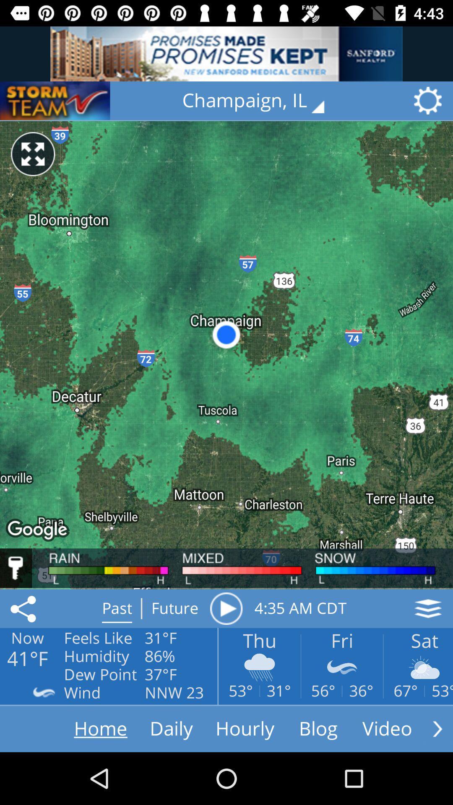 The image size is (453, 805). I want to click on the layers icon, so click(428, 608).